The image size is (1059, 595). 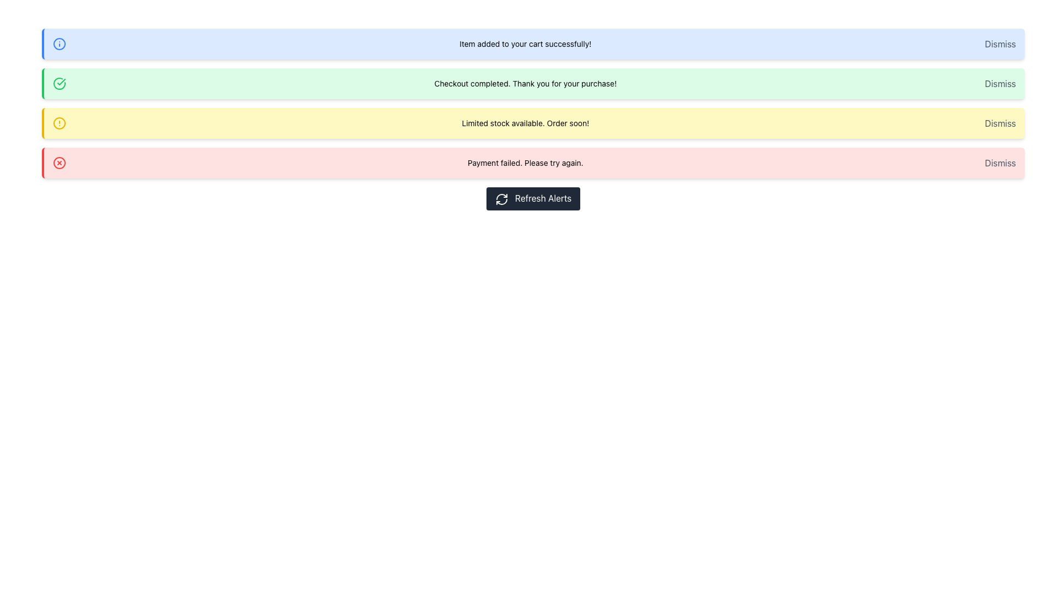 What do you see at coordinates (533, 123) in the screenshot?
I see `the third notification banner indicating limited stock availability` at bounding box center [533, 123].